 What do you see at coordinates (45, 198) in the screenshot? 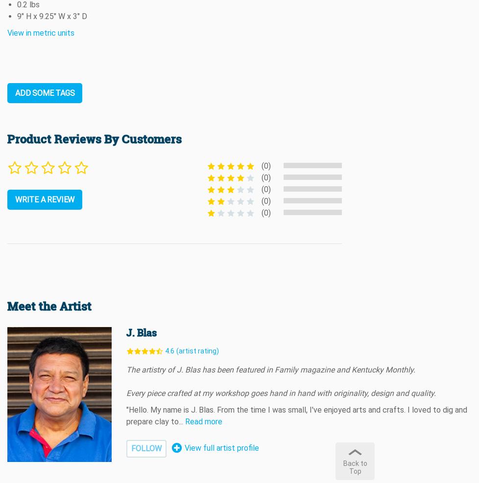
I see `'WRITE A REVIEW'` at bounding box center [45, 198].